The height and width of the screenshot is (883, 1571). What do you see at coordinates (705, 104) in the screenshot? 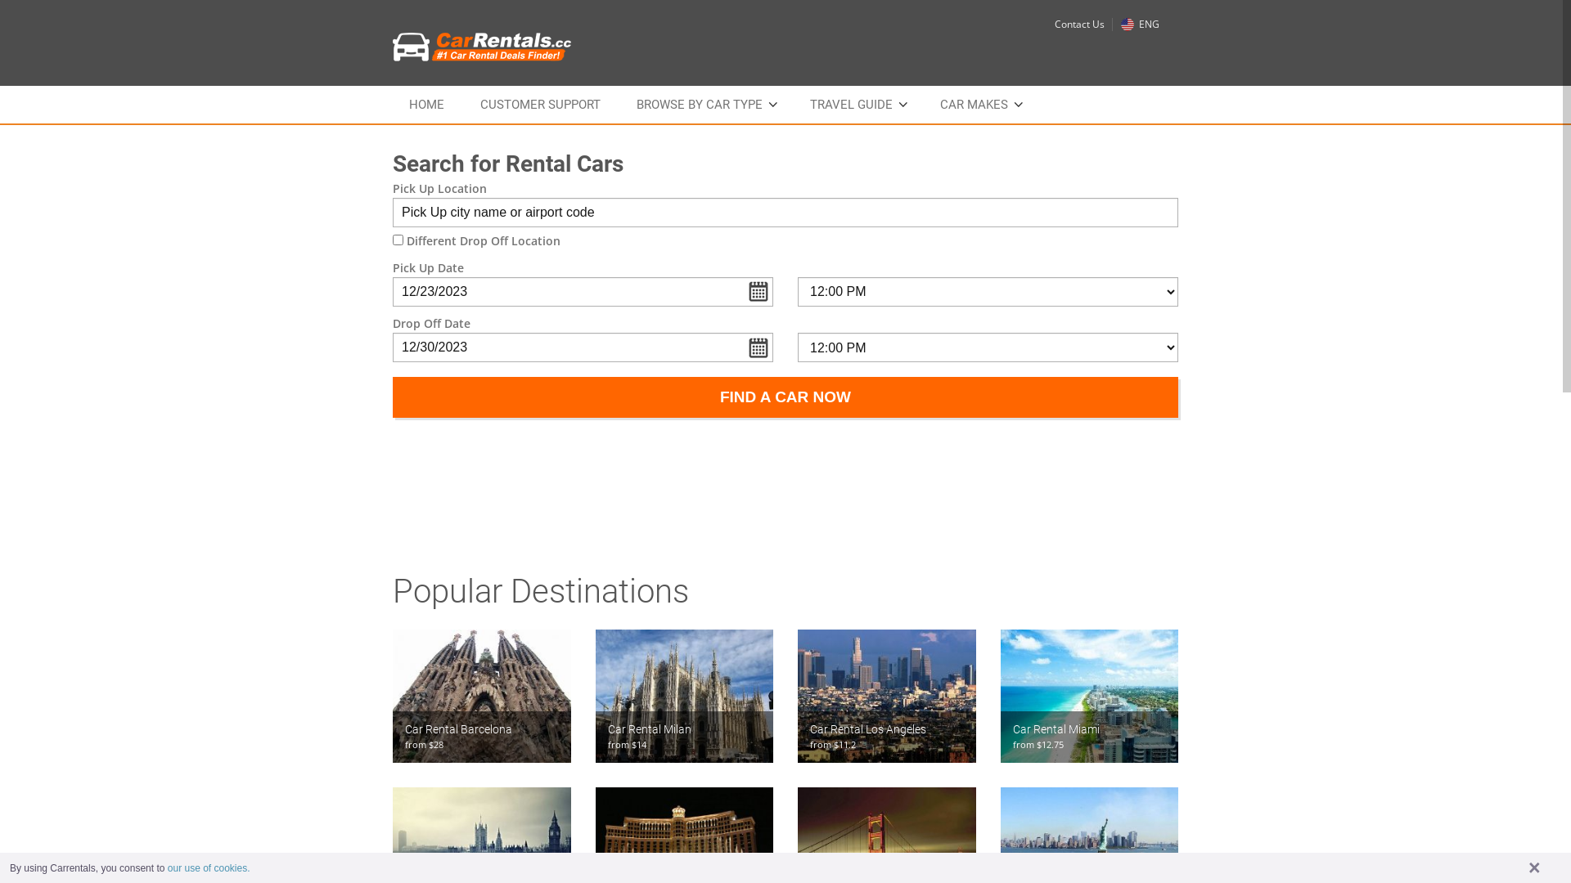
I see `'BROWSE BY CAR TYPE'` at bounding box center [705, 104].